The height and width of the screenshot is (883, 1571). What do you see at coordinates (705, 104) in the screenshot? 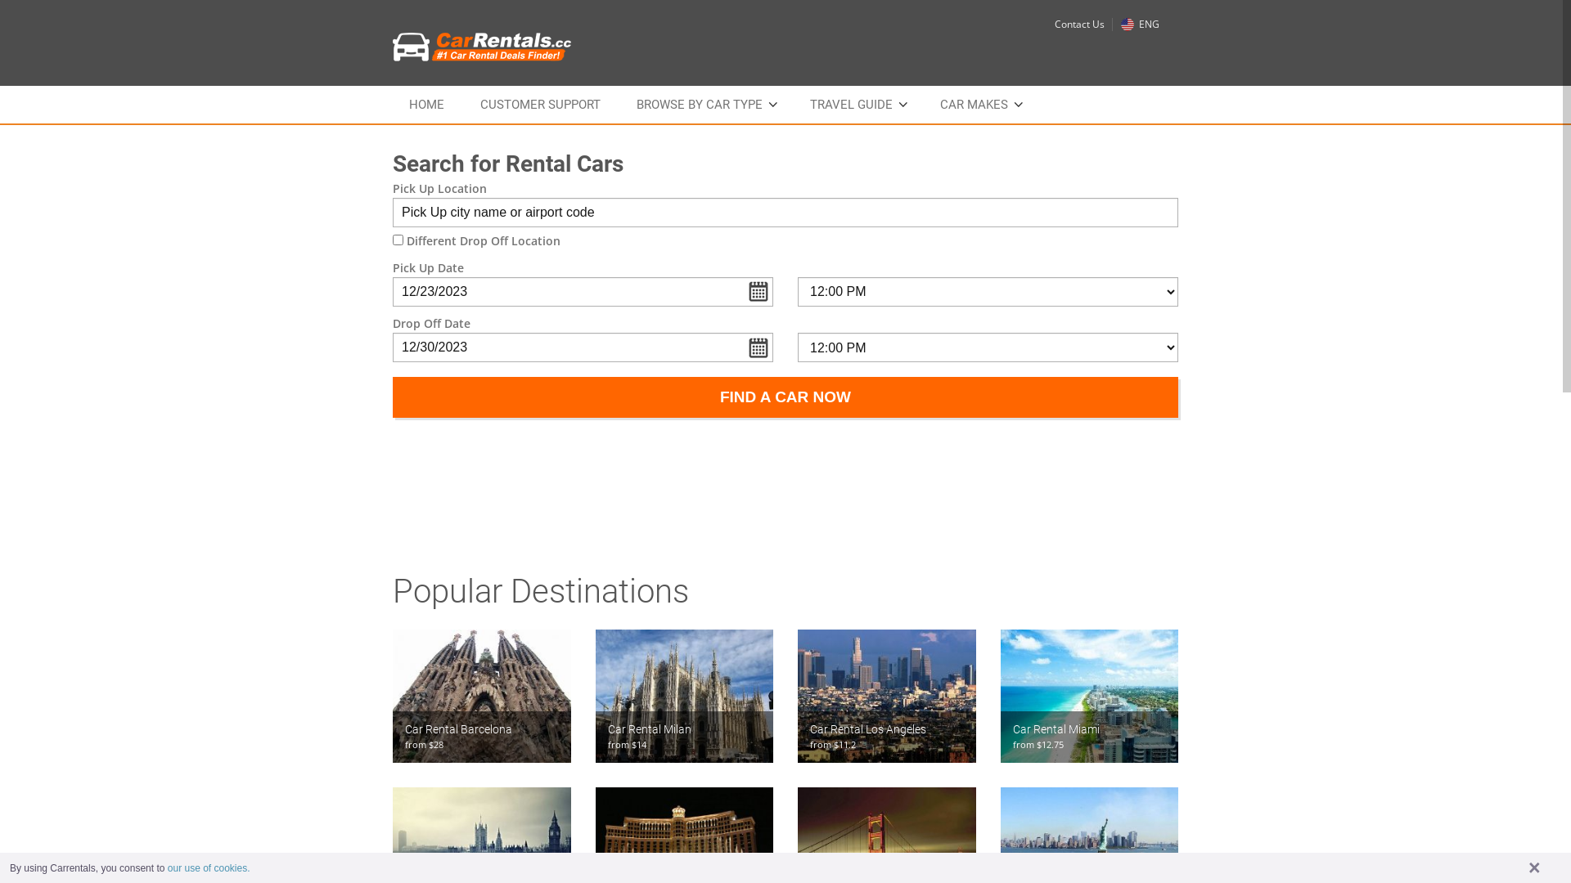
I see `'BROWSE BY CAR TYPE'` at bounding box center [705, 104].